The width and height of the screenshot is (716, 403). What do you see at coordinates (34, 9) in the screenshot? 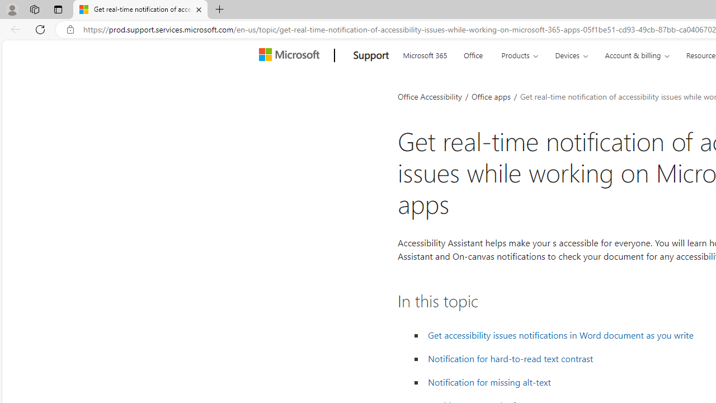
I see `'Workspaces'` at bounding box center [34, 9].